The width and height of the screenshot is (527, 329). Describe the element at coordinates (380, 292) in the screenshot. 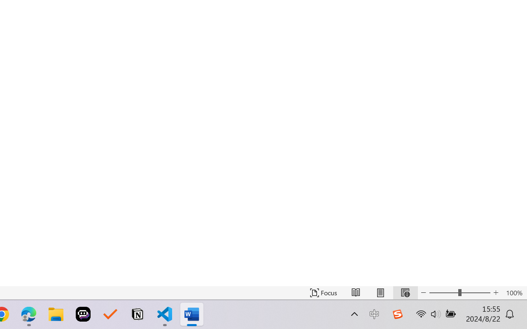

I see `'Print Layout'` at that location.